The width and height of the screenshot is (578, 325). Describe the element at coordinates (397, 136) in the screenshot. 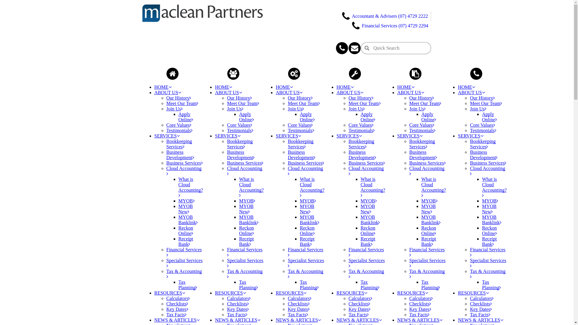

I see `'SERVICES'` at that location.